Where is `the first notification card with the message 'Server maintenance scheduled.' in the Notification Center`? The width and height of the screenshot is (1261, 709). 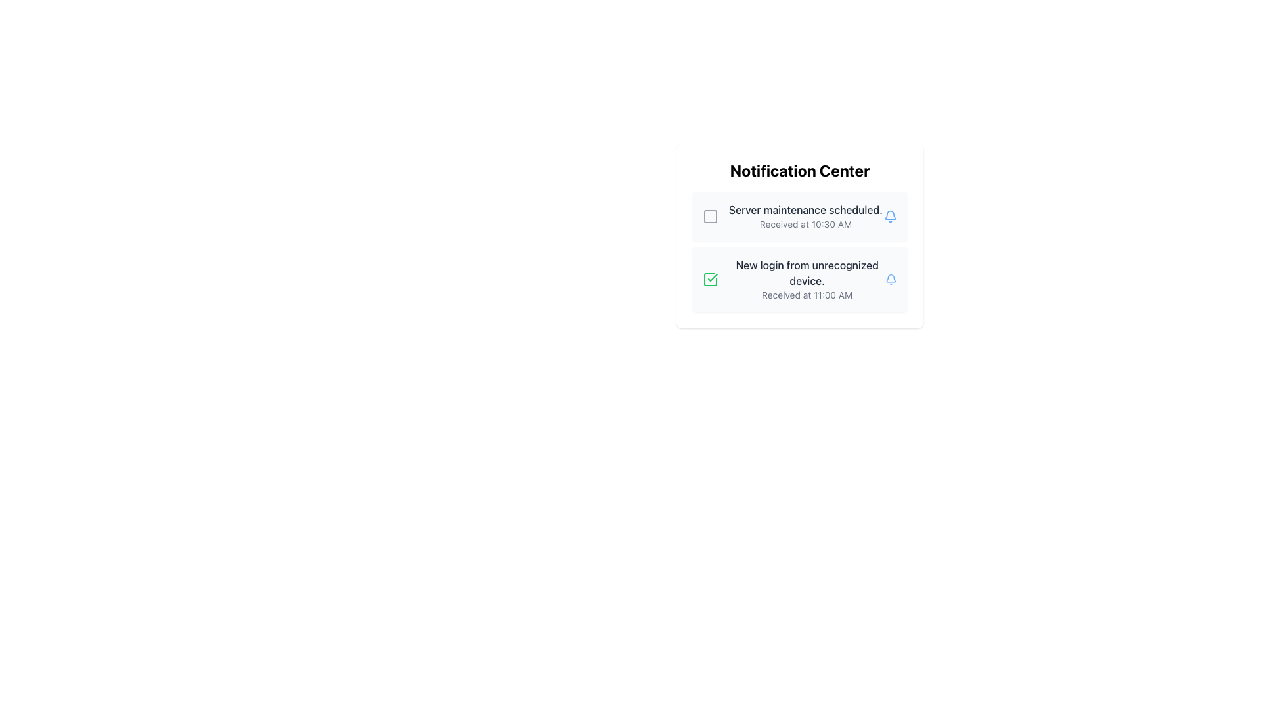
the first notification card with the message 'Server maintenance scheduled.' in the Notification Center is located at coordinates (799, 216).